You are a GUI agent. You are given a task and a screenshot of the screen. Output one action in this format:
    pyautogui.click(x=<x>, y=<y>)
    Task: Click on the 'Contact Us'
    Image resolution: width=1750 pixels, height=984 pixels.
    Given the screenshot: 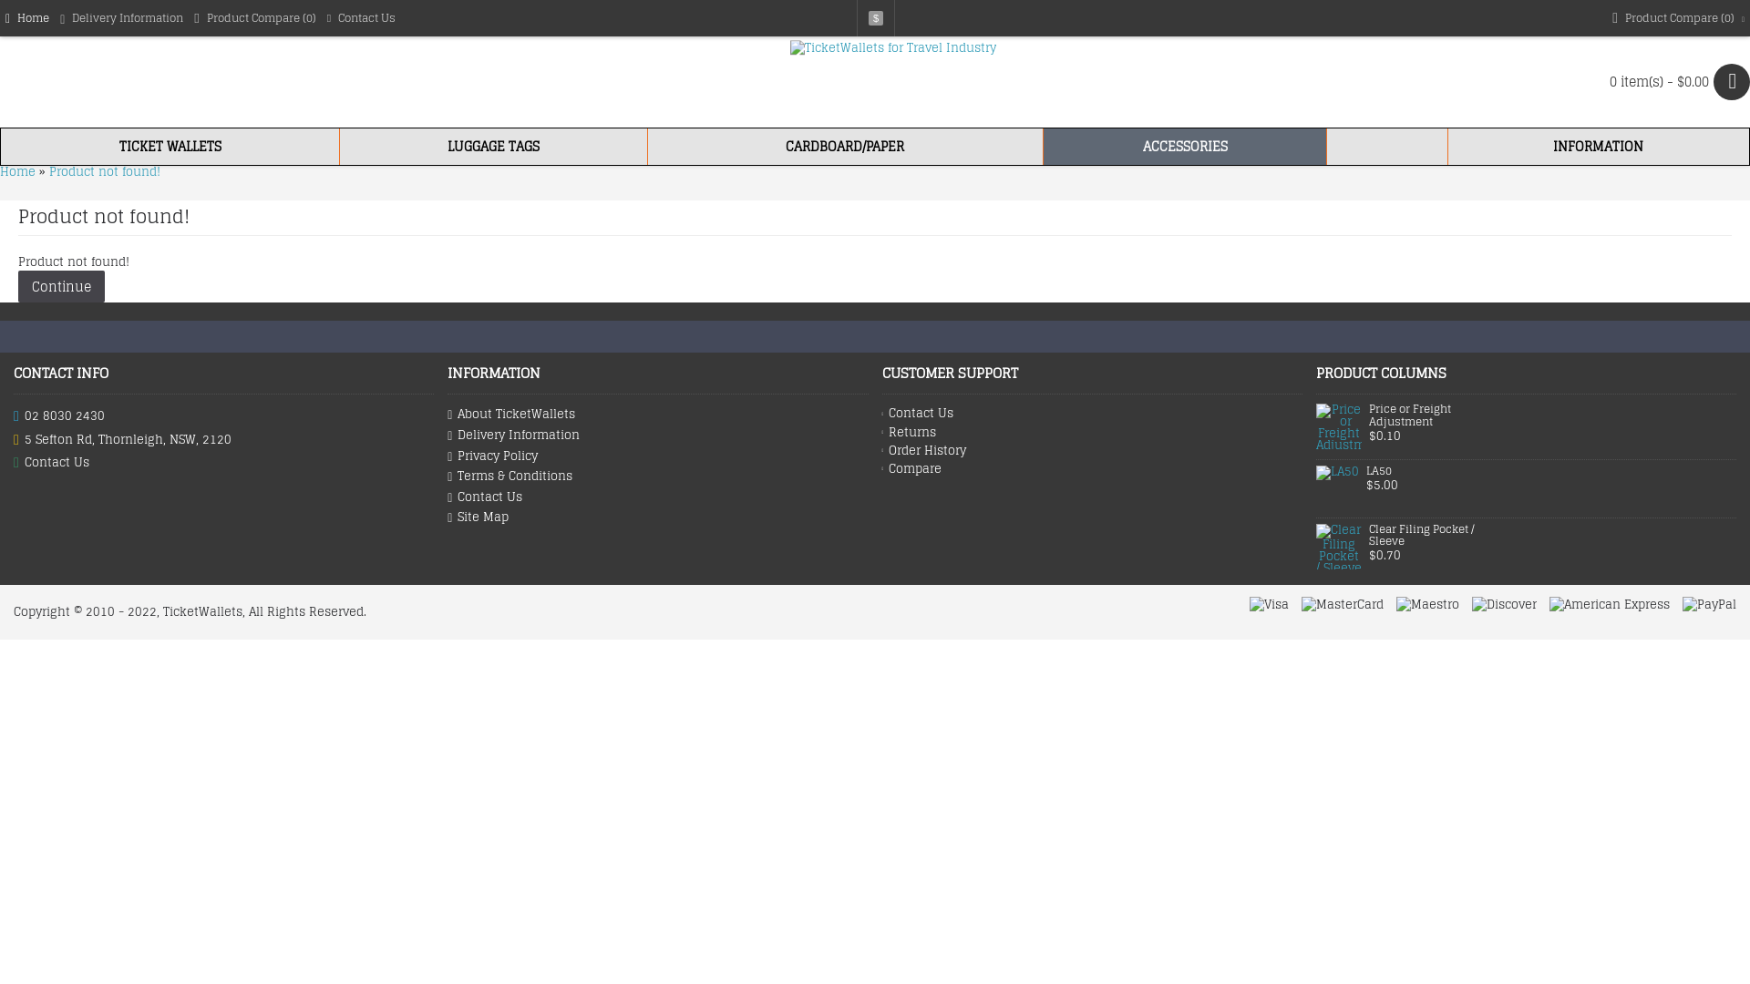 What is the action you would take?
    pyautogui.click(x=222, y=461)
    